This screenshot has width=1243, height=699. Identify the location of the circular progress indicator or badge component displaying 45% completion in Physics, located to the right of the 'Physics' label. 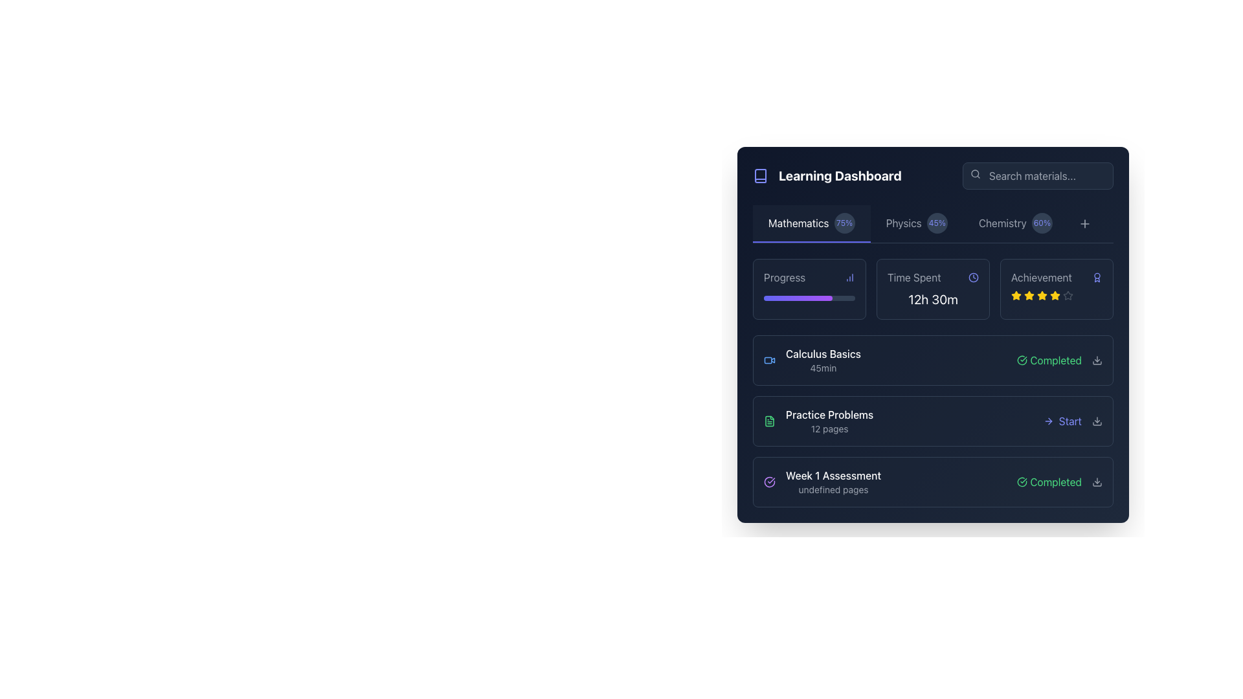
(937, 222).